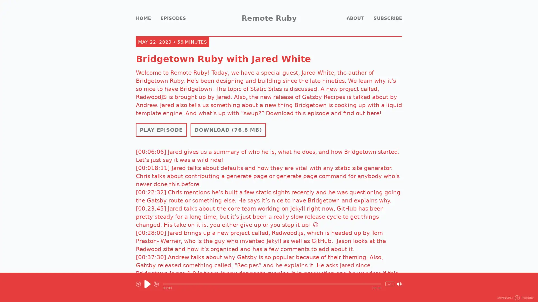 The image size is (538, 302). I want to click on PLAY EPISODE, so click(161, 130).